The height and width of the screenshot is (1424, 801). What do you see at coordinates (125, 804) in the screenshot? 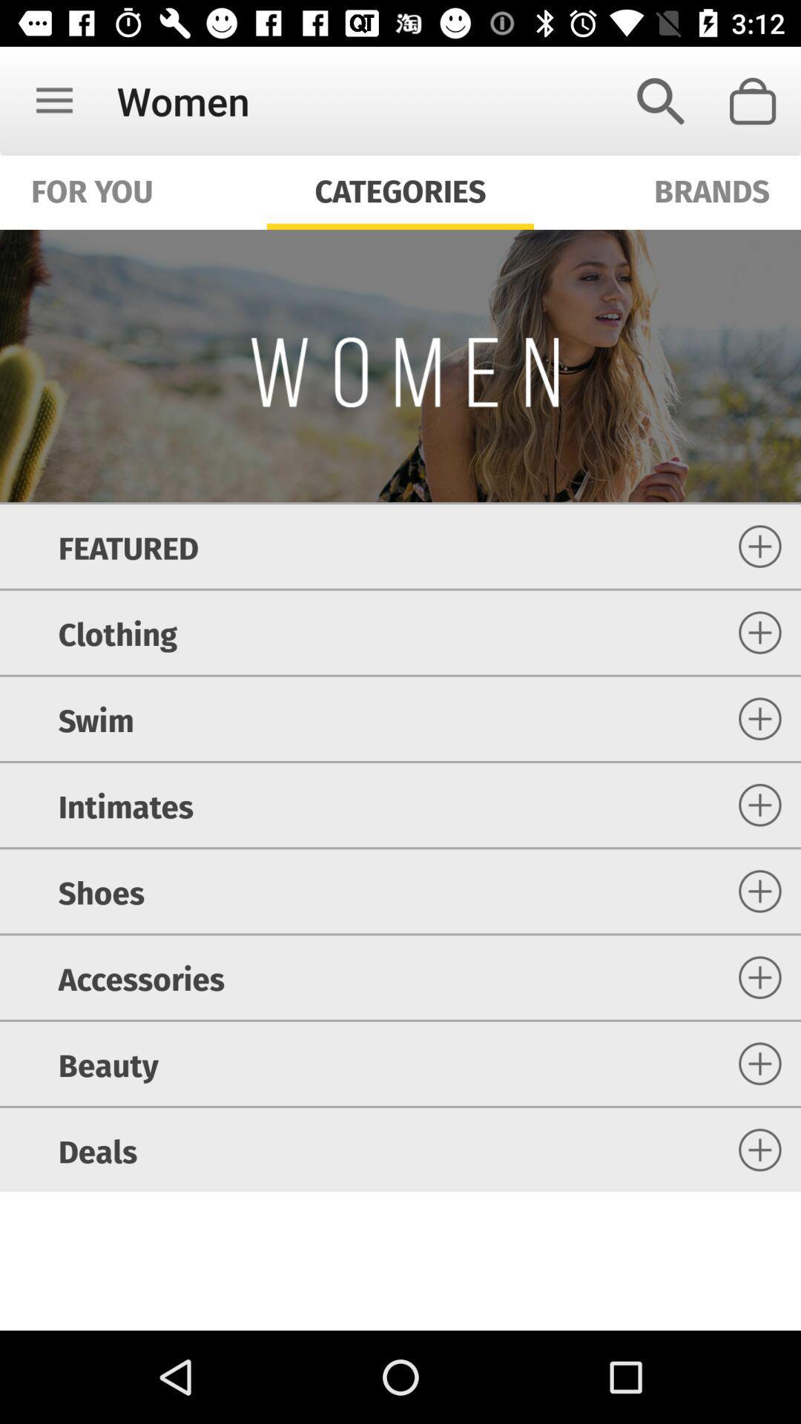
I see `icon below swim` at bounding box center [125, 804].